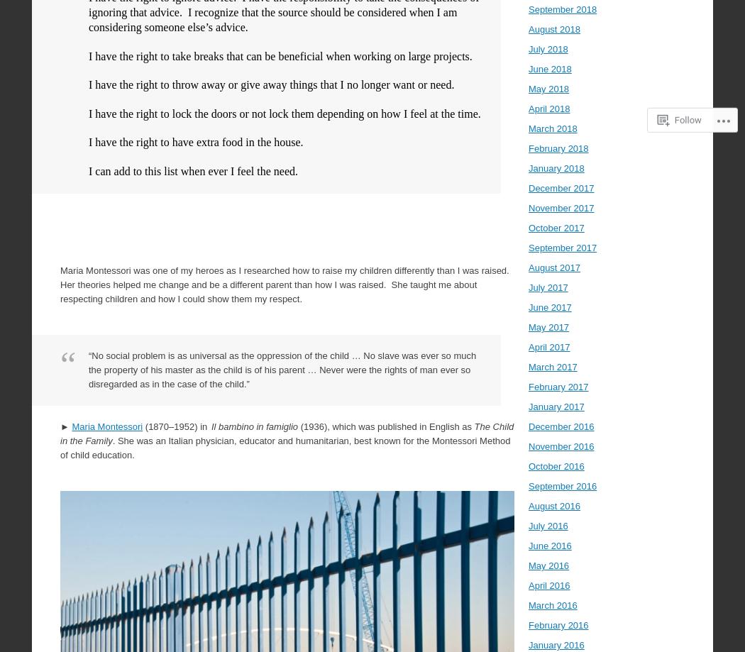  What do you see at coordinates (556, 227) in the screenshot?
I see `'October 2017'` at bounding box center [556, 227].